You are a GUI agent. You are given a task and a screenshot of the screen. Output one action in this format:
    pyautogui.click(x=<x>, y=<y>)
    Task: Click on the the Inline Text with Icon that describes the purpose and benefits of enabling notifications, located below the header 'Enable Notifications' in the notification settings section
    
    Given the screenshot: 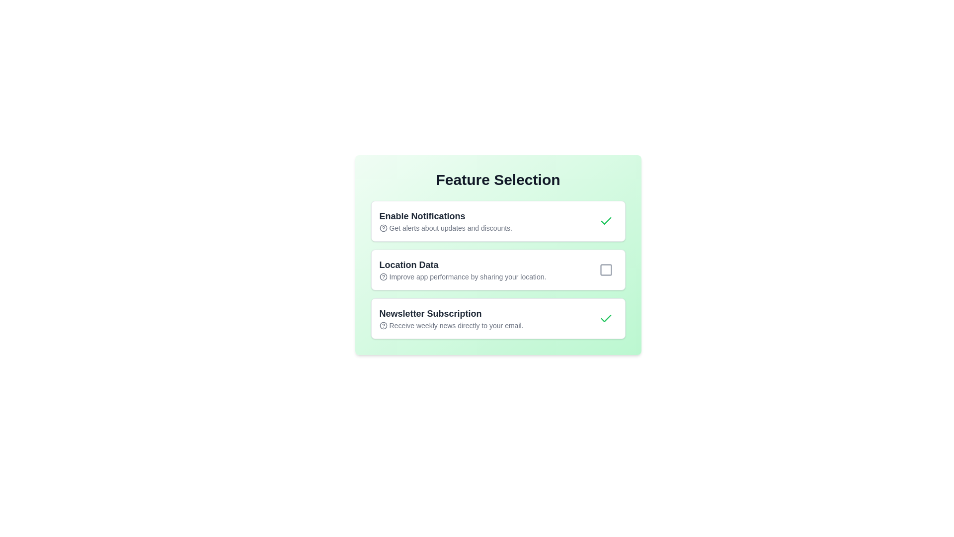 What is the action you would take?
    pyautogui.click(x=445, y=228)
    